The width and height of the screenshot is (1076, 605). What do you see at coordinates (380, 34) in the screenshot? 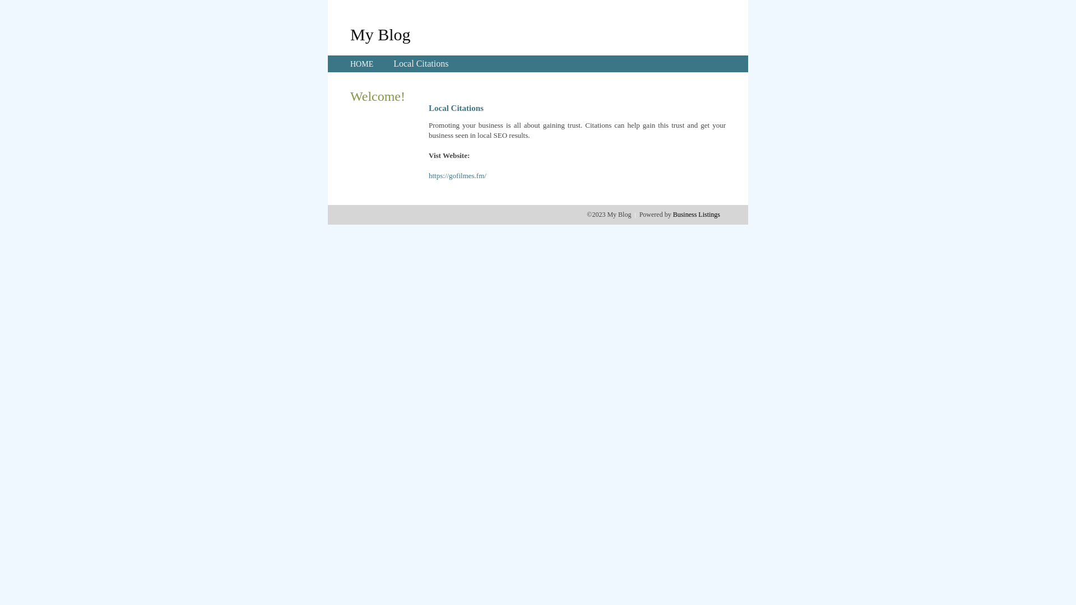
I see `'My Blog'` at bounding box center [380, 34].